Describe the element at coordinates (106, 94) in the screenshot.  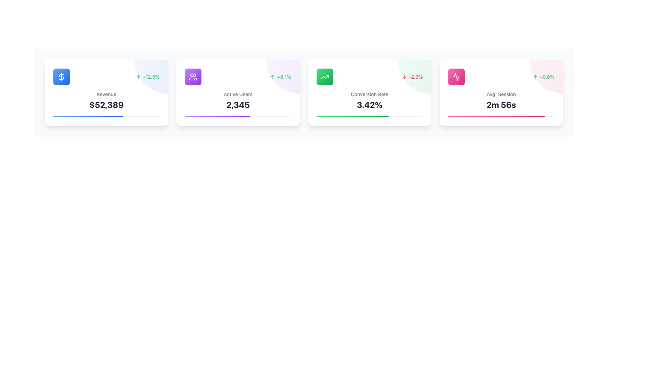
I see `descriptive label indicating that the card's content pertains to revenue, located in the middle-top region of the first card in a horizontal row of cards` at that location.